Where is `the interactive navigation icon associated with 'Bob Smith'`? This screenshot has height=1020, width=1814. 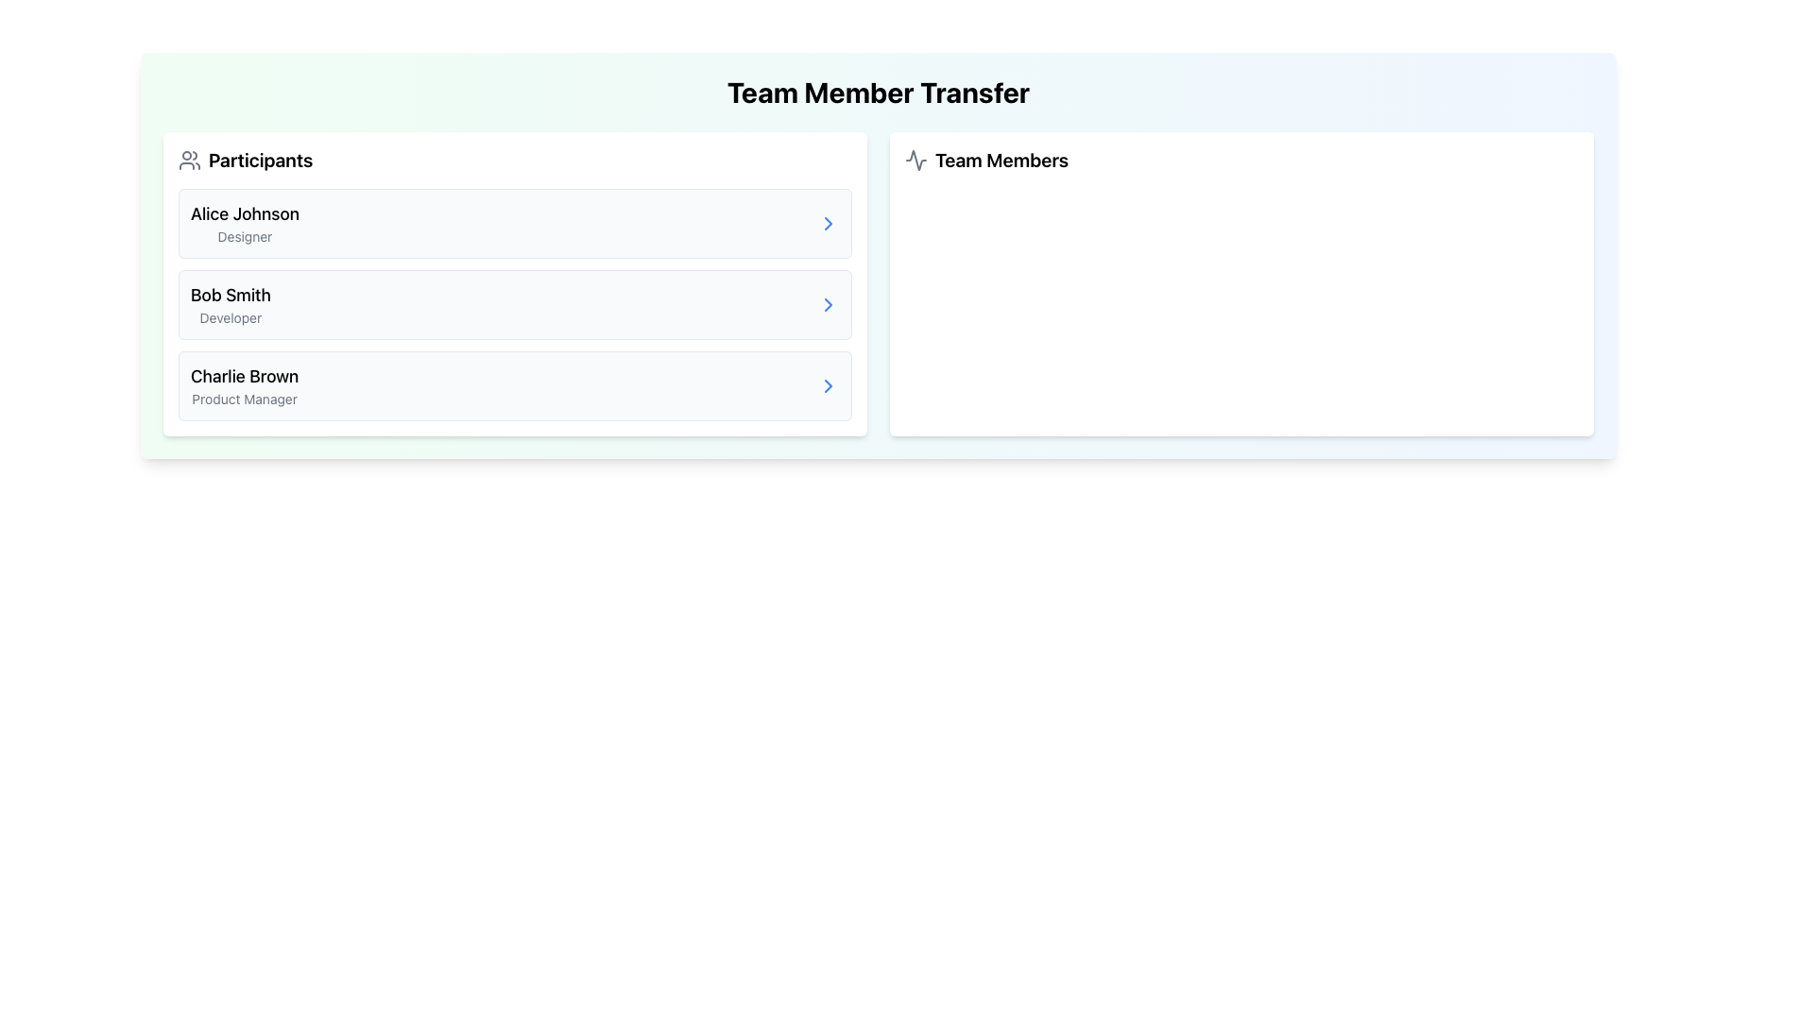 the interactive navigation icon associated with 'Bob Smith' is located at coordinates (829, 304).